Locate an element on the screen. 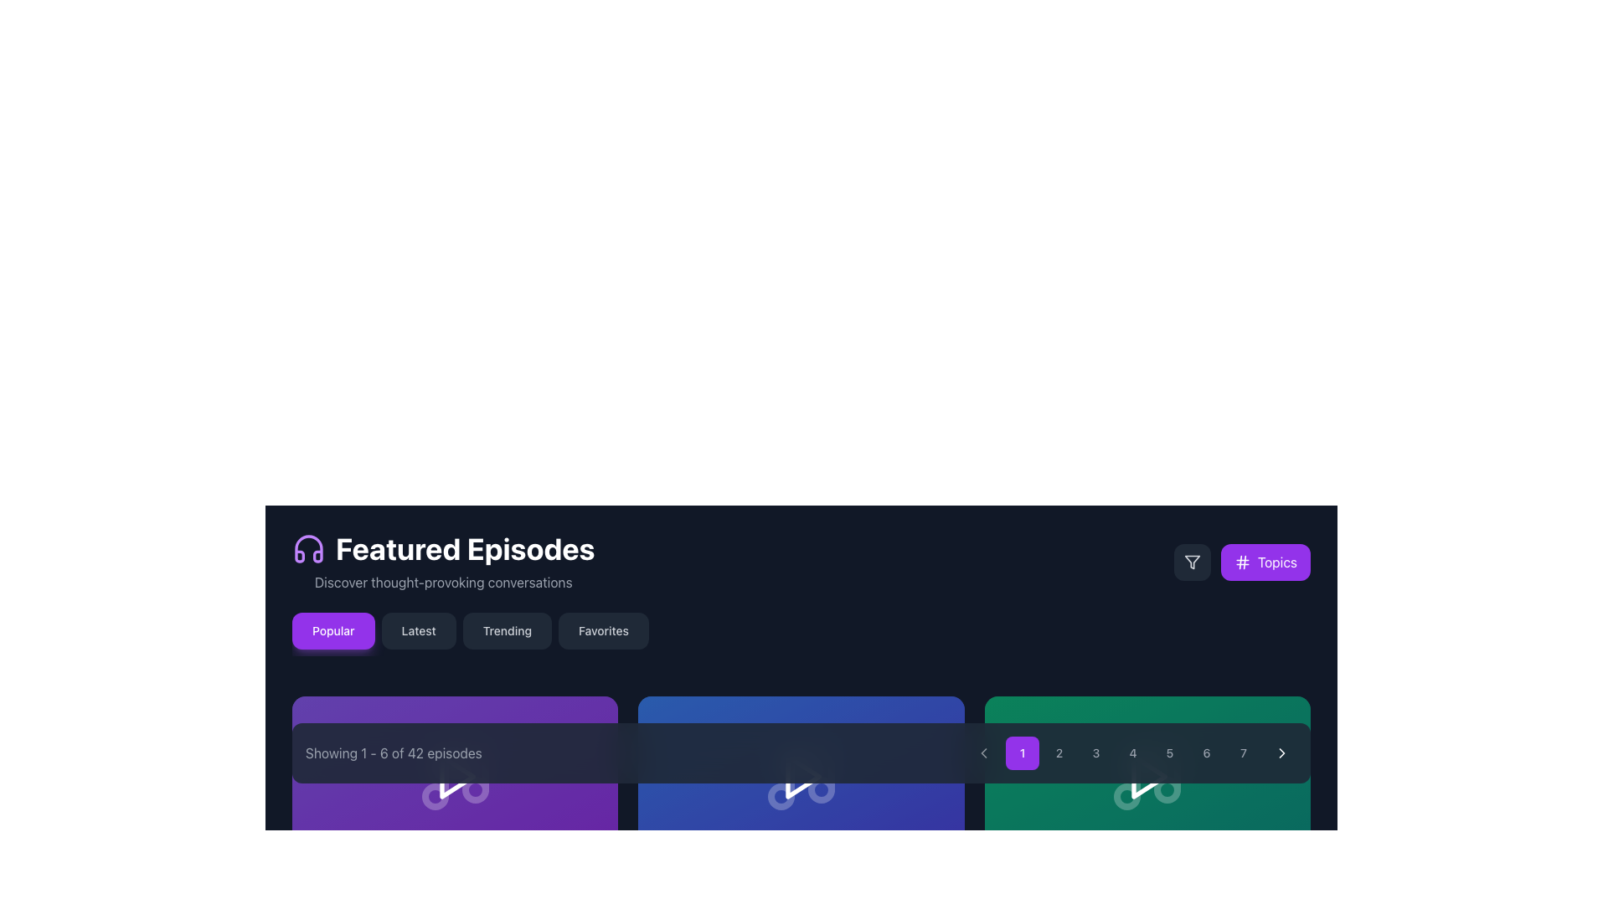  the 'Trending' button in the navigation menu located under the 'Featured Episodes' header to filter the content is located at coordinates (506, 630).